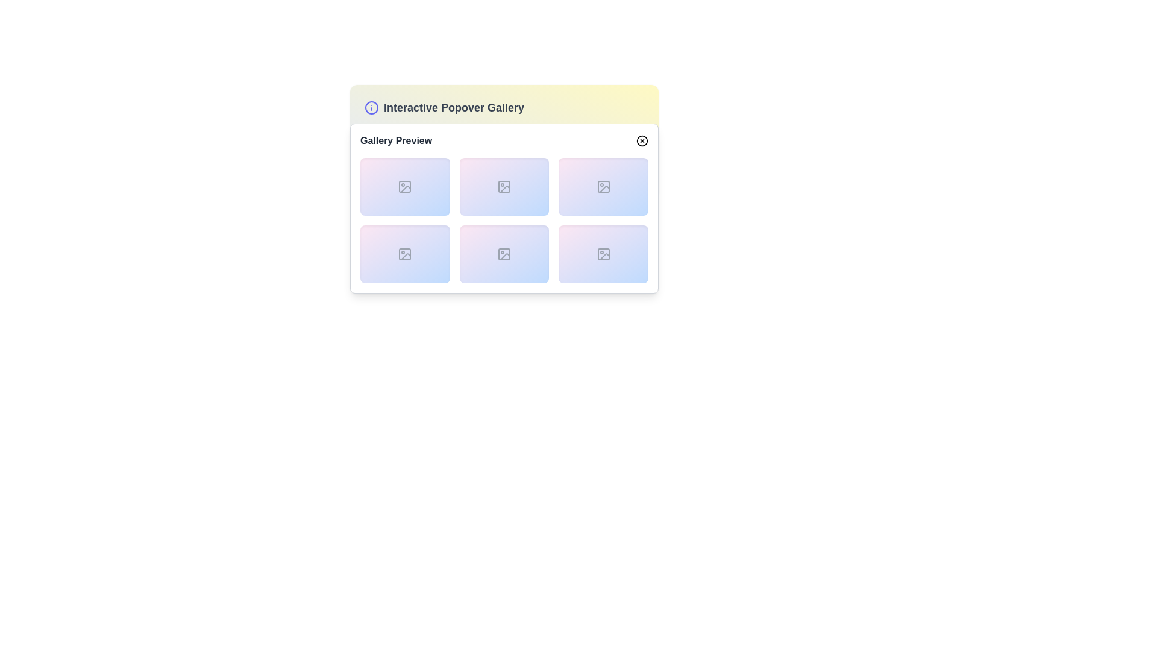 The height and width of the screenshot is (651, 1157). I want to click on the SVG icon in the top-left quadrant of the grid layout, which serves as a placeholder for an image, so click(405, 186).